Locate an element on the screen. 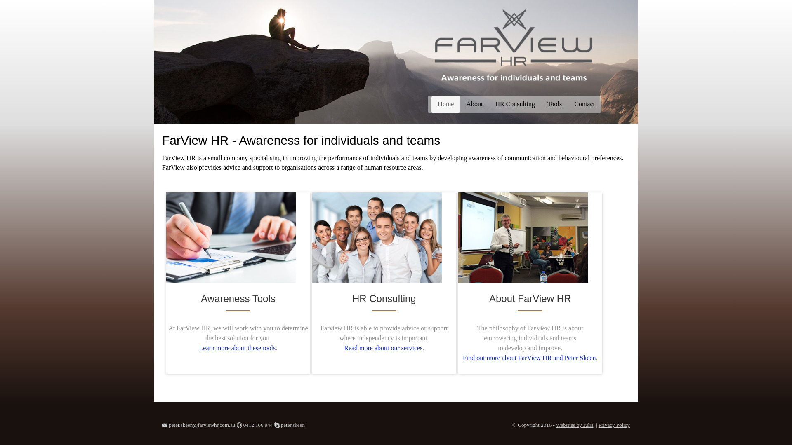 Image resolution: width=792 pixels, height=445 pixels. 'About' is located at coordinates (474, 104).